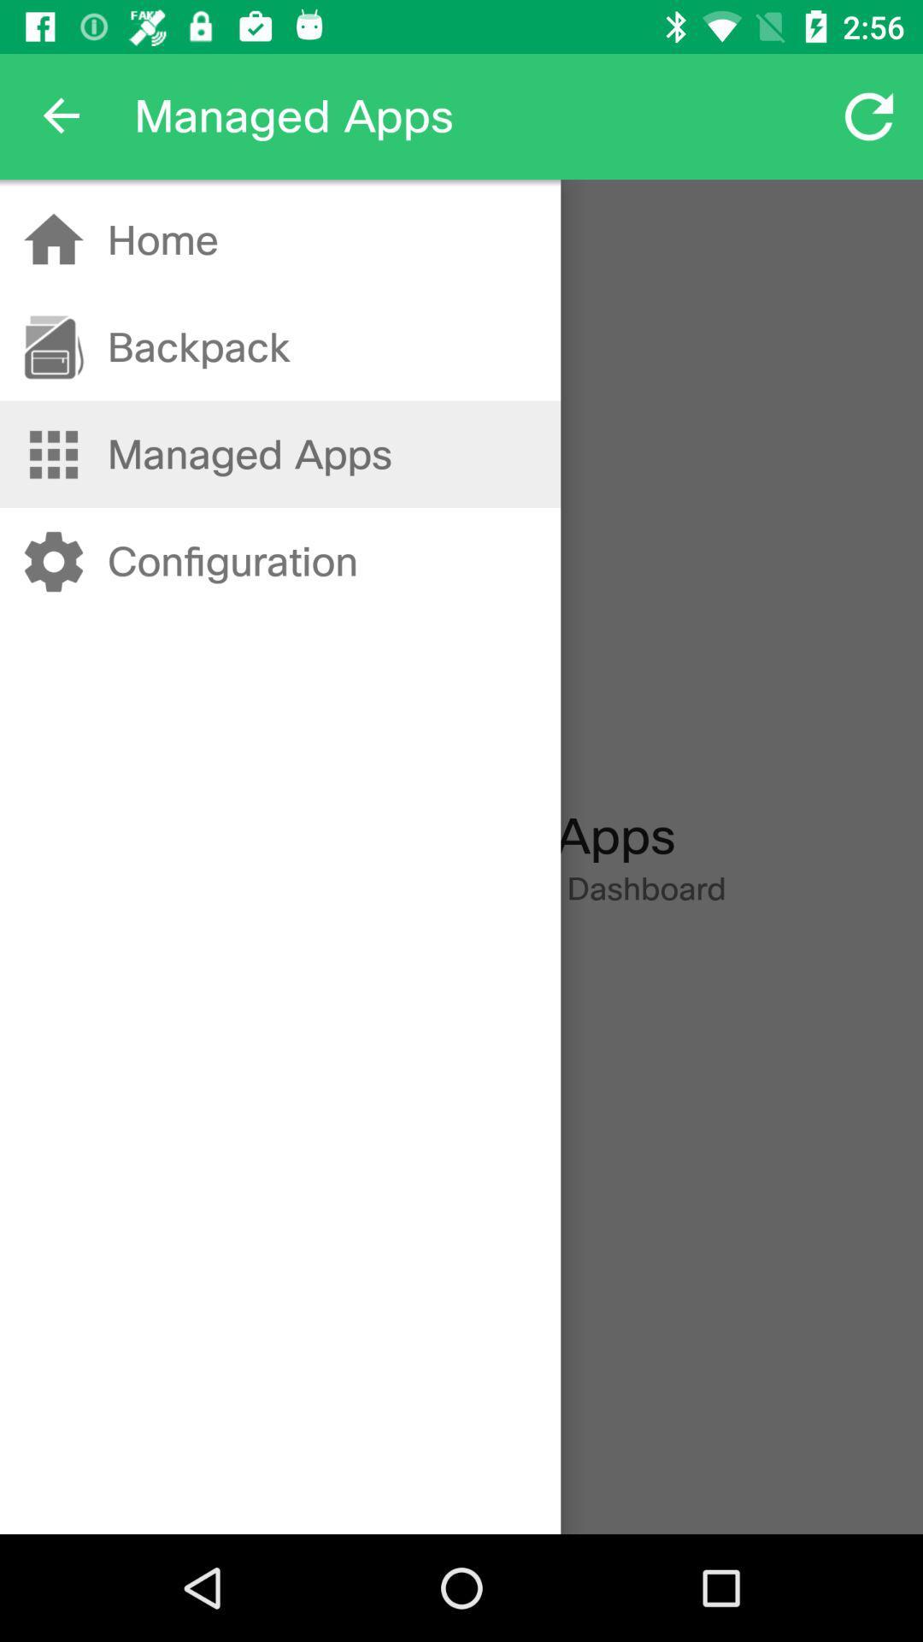 This screenshot has height=1642, width=923. What do you see at coordinates (162, 239) in the screenshot?
I see `home item` at bounding box center [162, 239].